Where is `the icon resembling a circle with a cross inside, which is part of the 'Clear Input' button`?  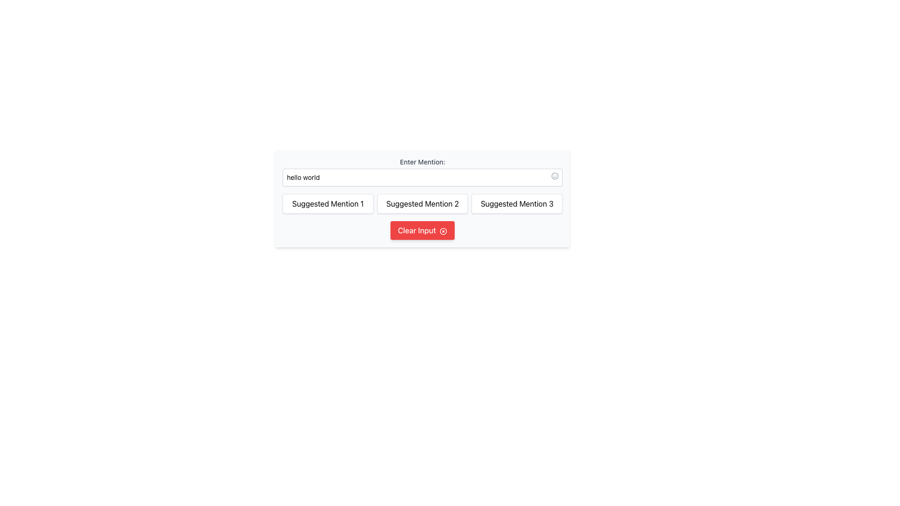 the icon resembling a circle with a cross inside, which is part of the 'Clear Input' button is located at coordinates (443, 231).